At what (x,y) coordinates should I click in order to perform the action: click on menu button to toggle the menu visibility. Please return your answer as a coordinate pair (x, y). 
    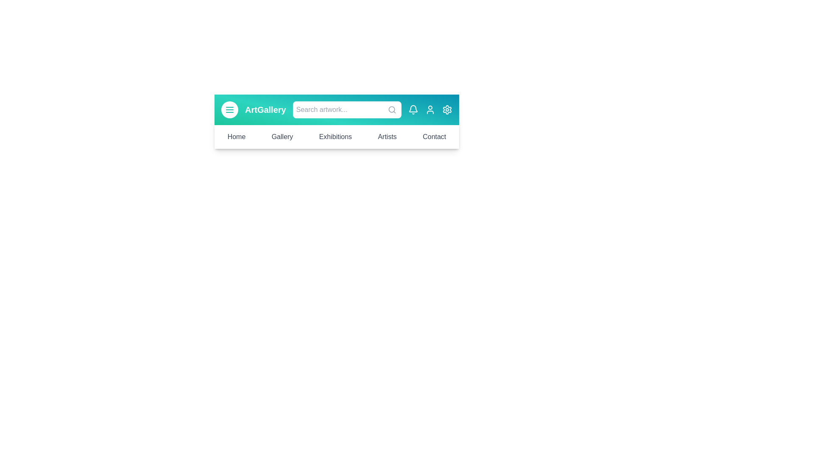
    Looking at the image, I should click on (230, 109).